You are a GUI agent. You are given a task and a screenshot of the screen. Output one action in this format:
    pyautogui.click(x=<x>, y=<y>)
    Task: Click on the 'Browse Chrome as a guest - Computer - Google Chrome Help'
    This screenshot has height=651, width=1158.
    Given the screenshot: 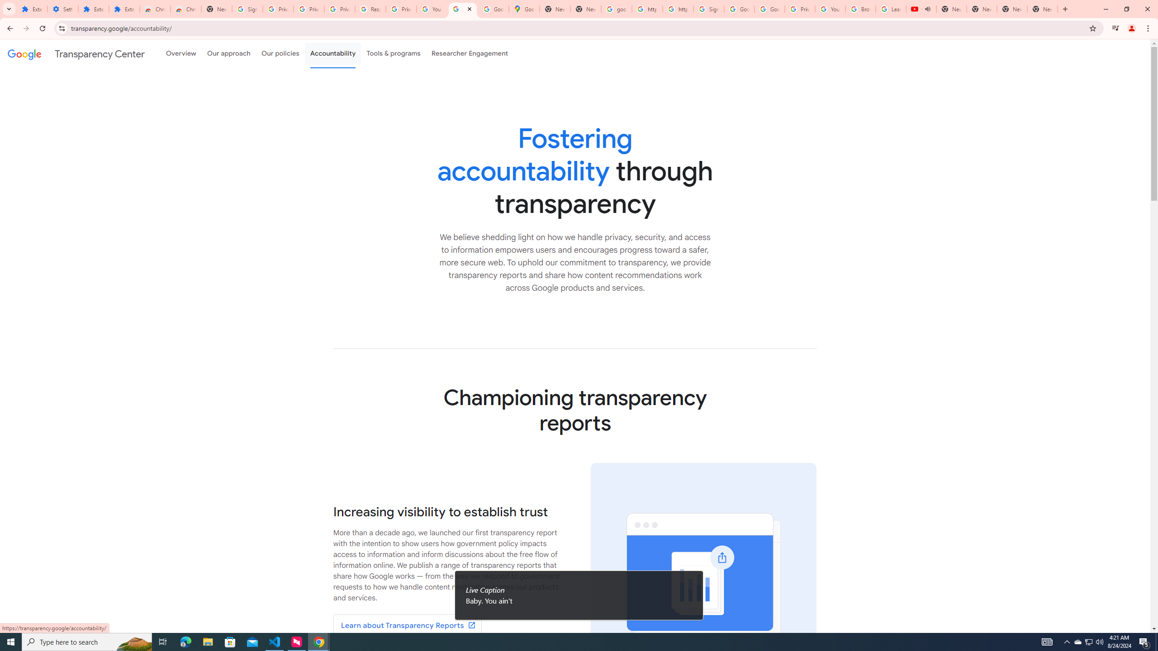 What is the action you would take?
    pyautogui.click(x=861, y=9)
    